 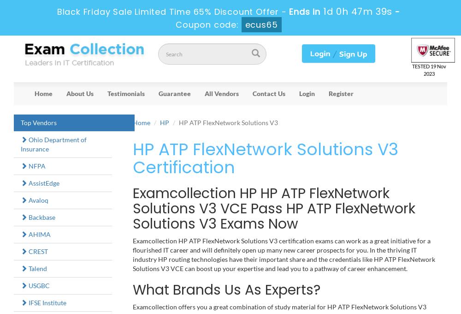 What do you see at coordinates (307, 92) in the screenshot?
I see `'Login'` at bounding box center [307, 92].